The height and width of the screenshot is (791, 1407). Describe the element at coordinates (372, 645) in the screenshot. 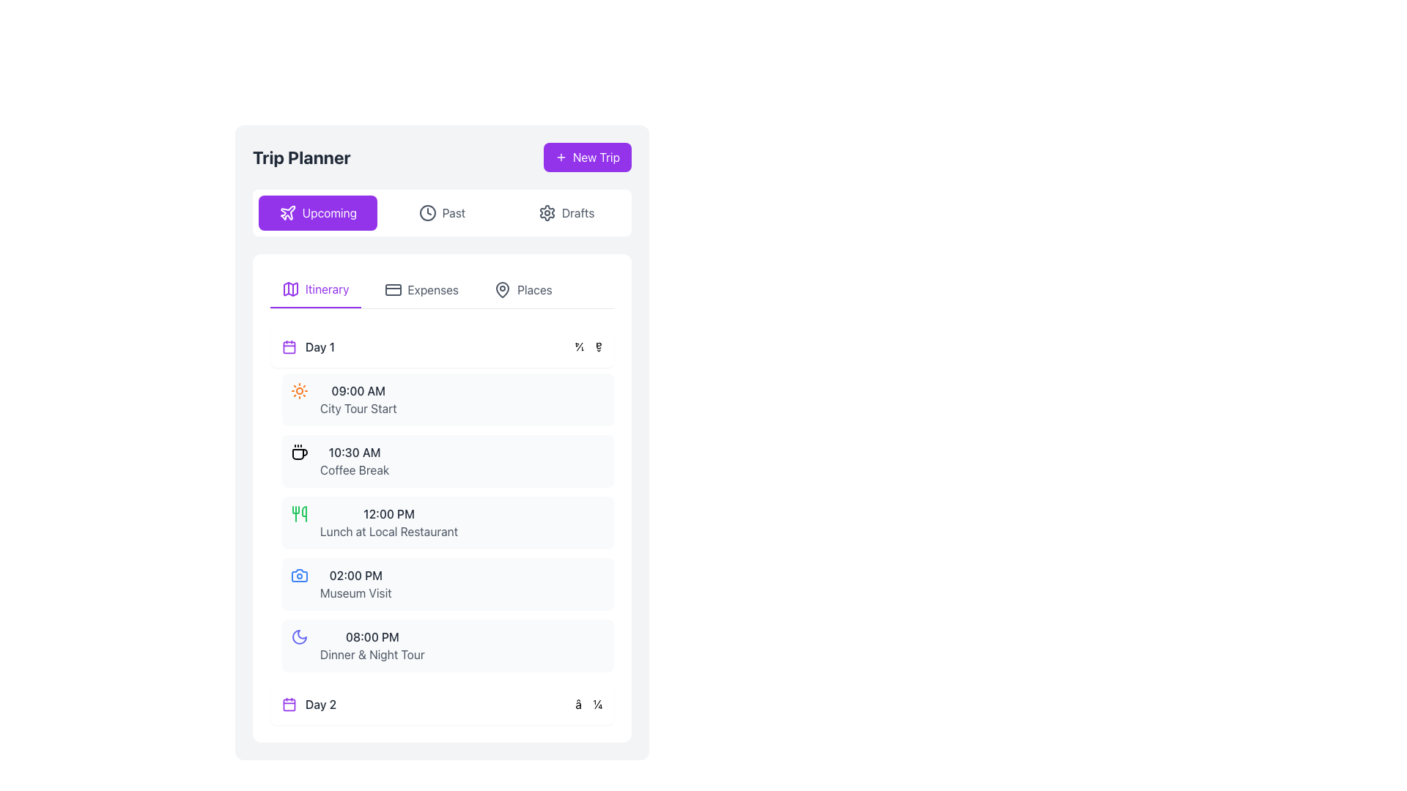

I see `the Text block element displaying '08:00 PM' and 'Dinner & Night Tour'` at that location.